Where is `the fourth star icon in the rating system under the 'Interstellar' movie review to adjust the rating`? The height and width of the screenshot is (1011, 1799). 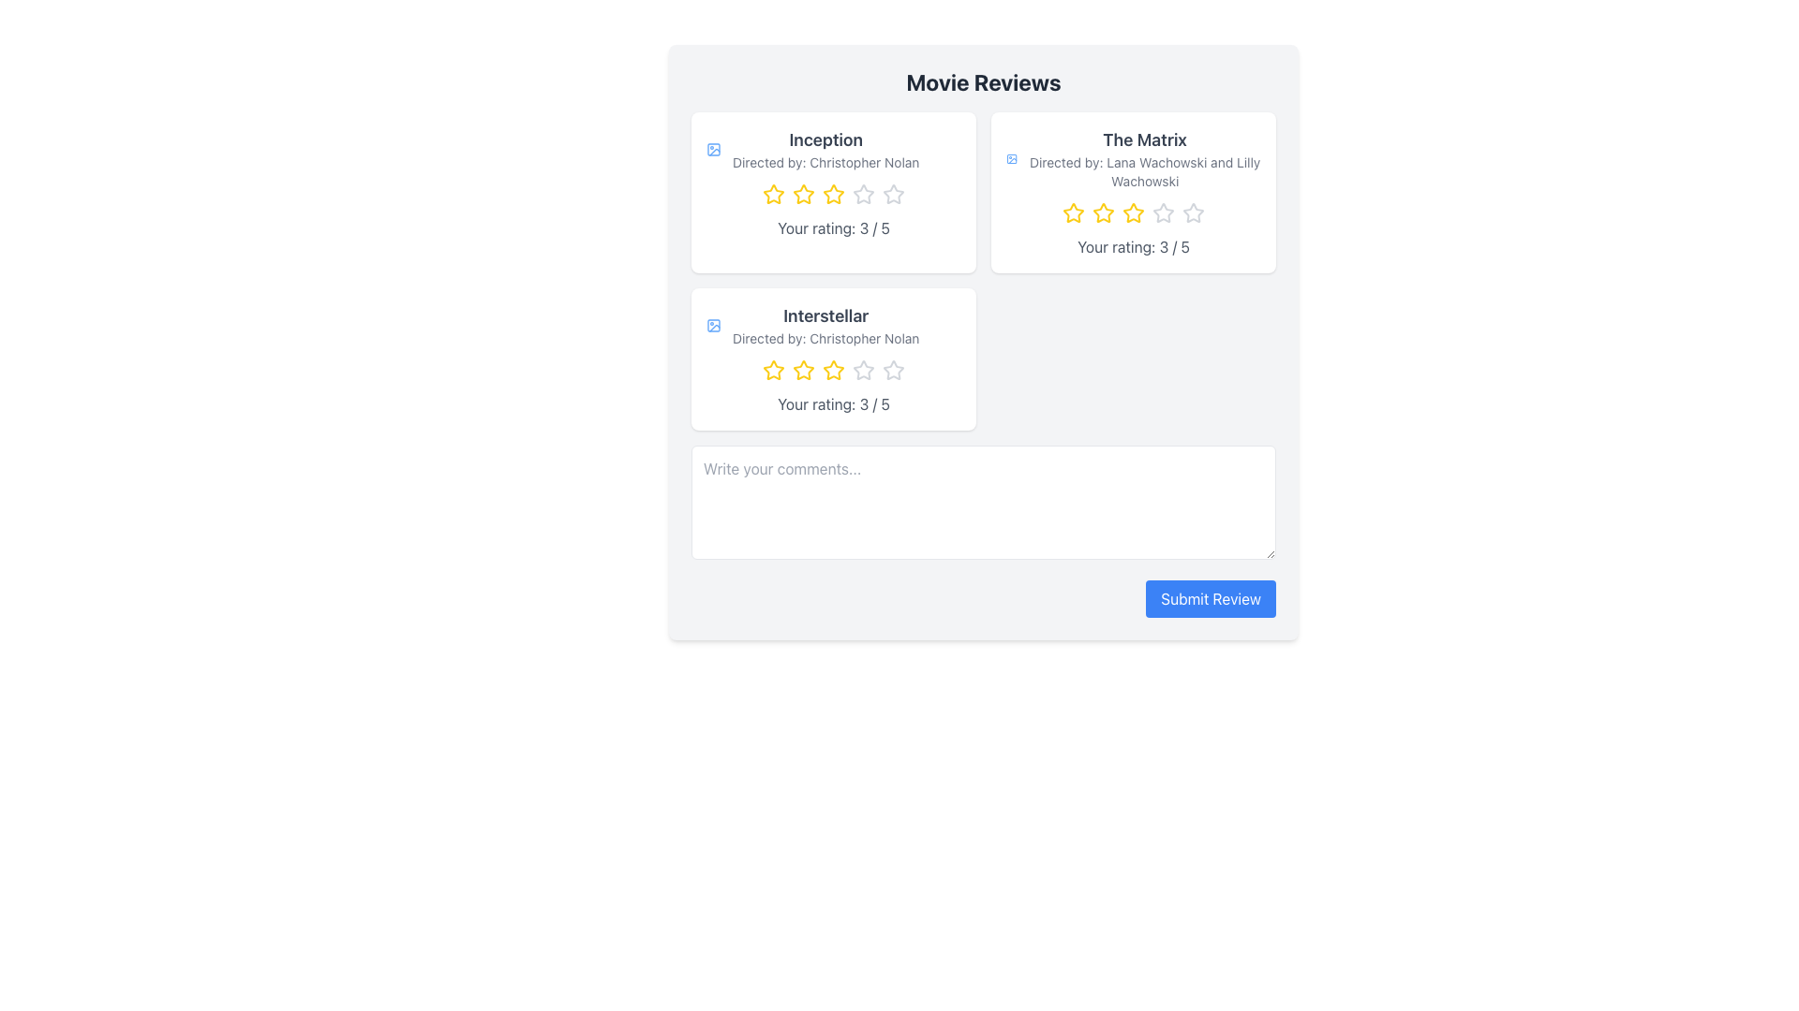
the fourth star icon in the rating system under the 'Interstellar' movie review to adjust the rating is located at coordinates (893, 370).